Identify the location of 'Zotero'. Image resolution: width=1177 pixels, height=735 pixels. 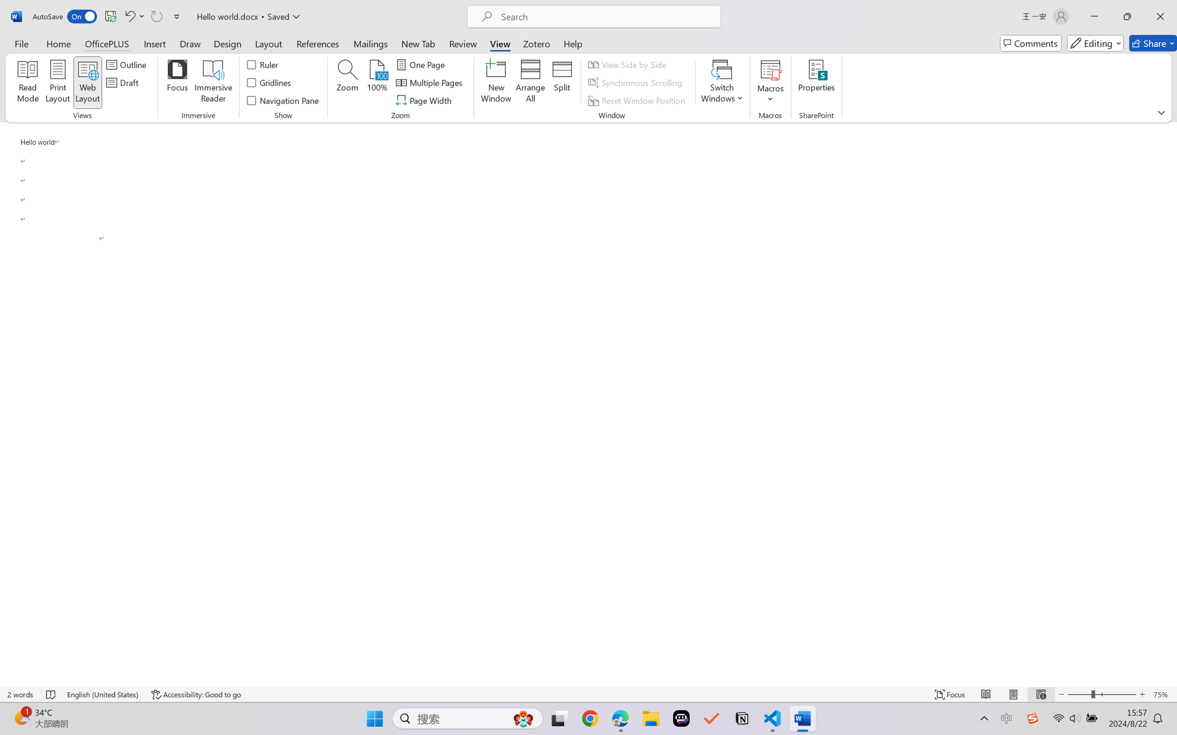
(536, 43).